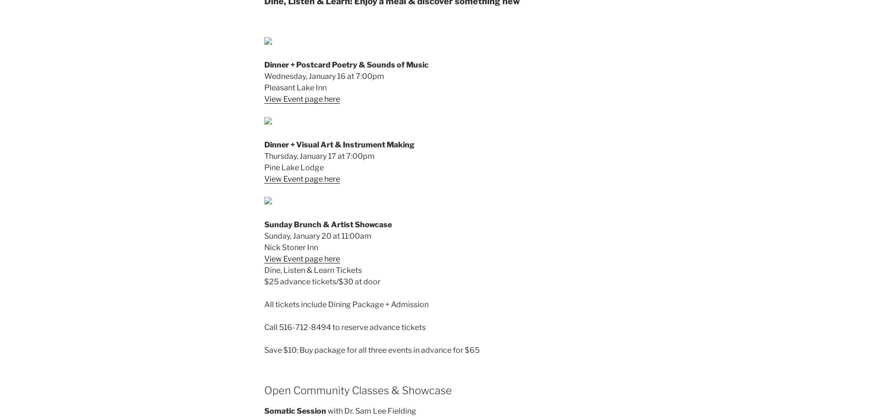 The image size is (881, 417). Describe the element at coordinates (264, 270) in the screenshot. I see `'Dine, Listen & Learn Tickets'` at that location.